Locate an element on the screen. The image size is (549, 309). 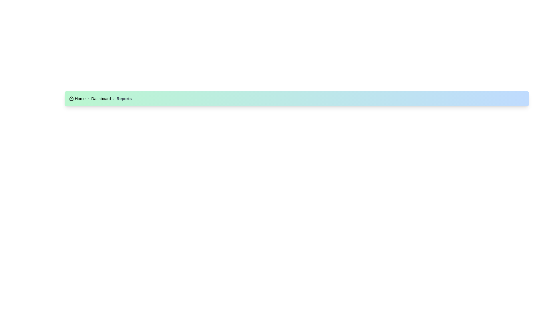
the small house-shaped icon in the breadcrumb navigation bar is located at coordinates (71, 98).